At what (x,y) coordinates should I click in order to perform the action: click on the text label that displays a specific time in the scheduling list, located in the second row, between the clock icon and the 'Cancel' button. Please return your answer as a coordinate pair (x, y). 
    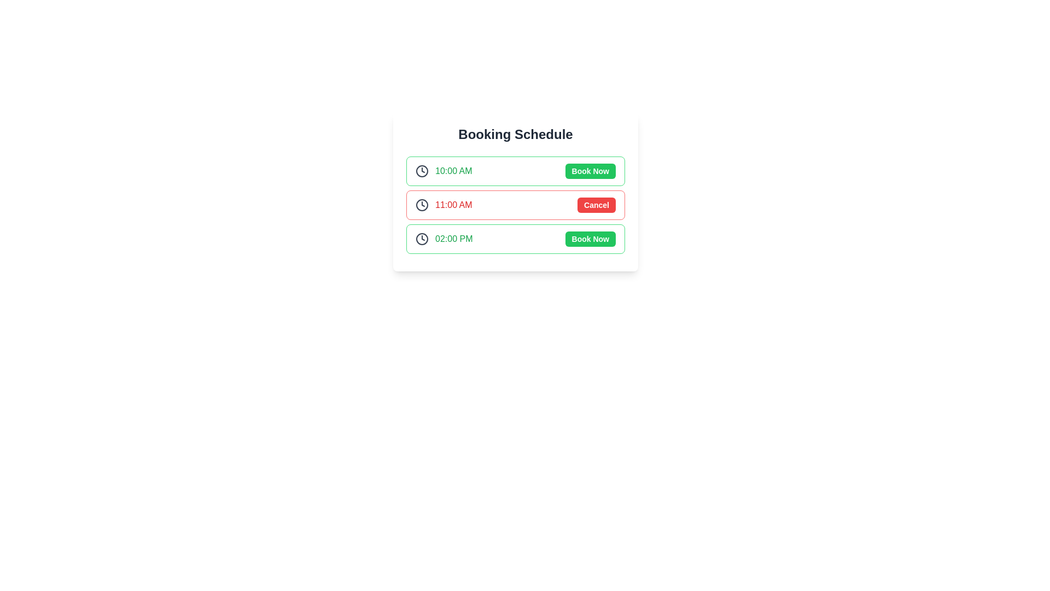
    Looking at the image, I should click on (444, 205).